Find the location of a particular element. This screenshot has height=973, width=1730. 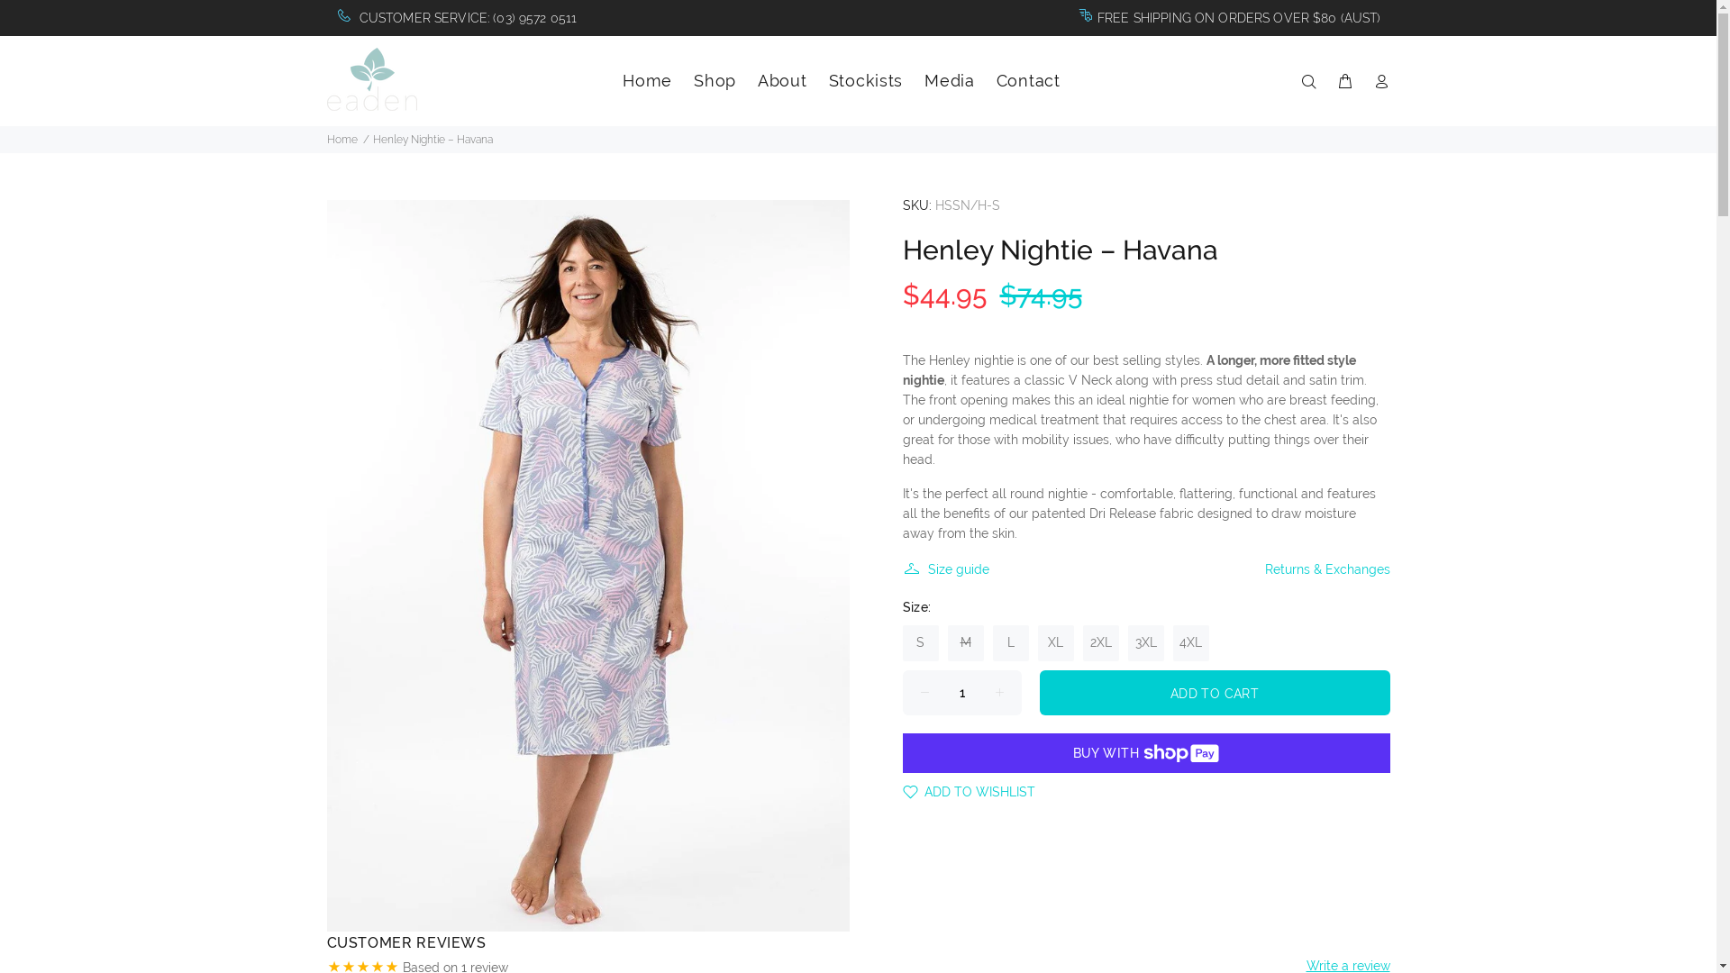

'Contact' is located at coordinates (1040, 79).